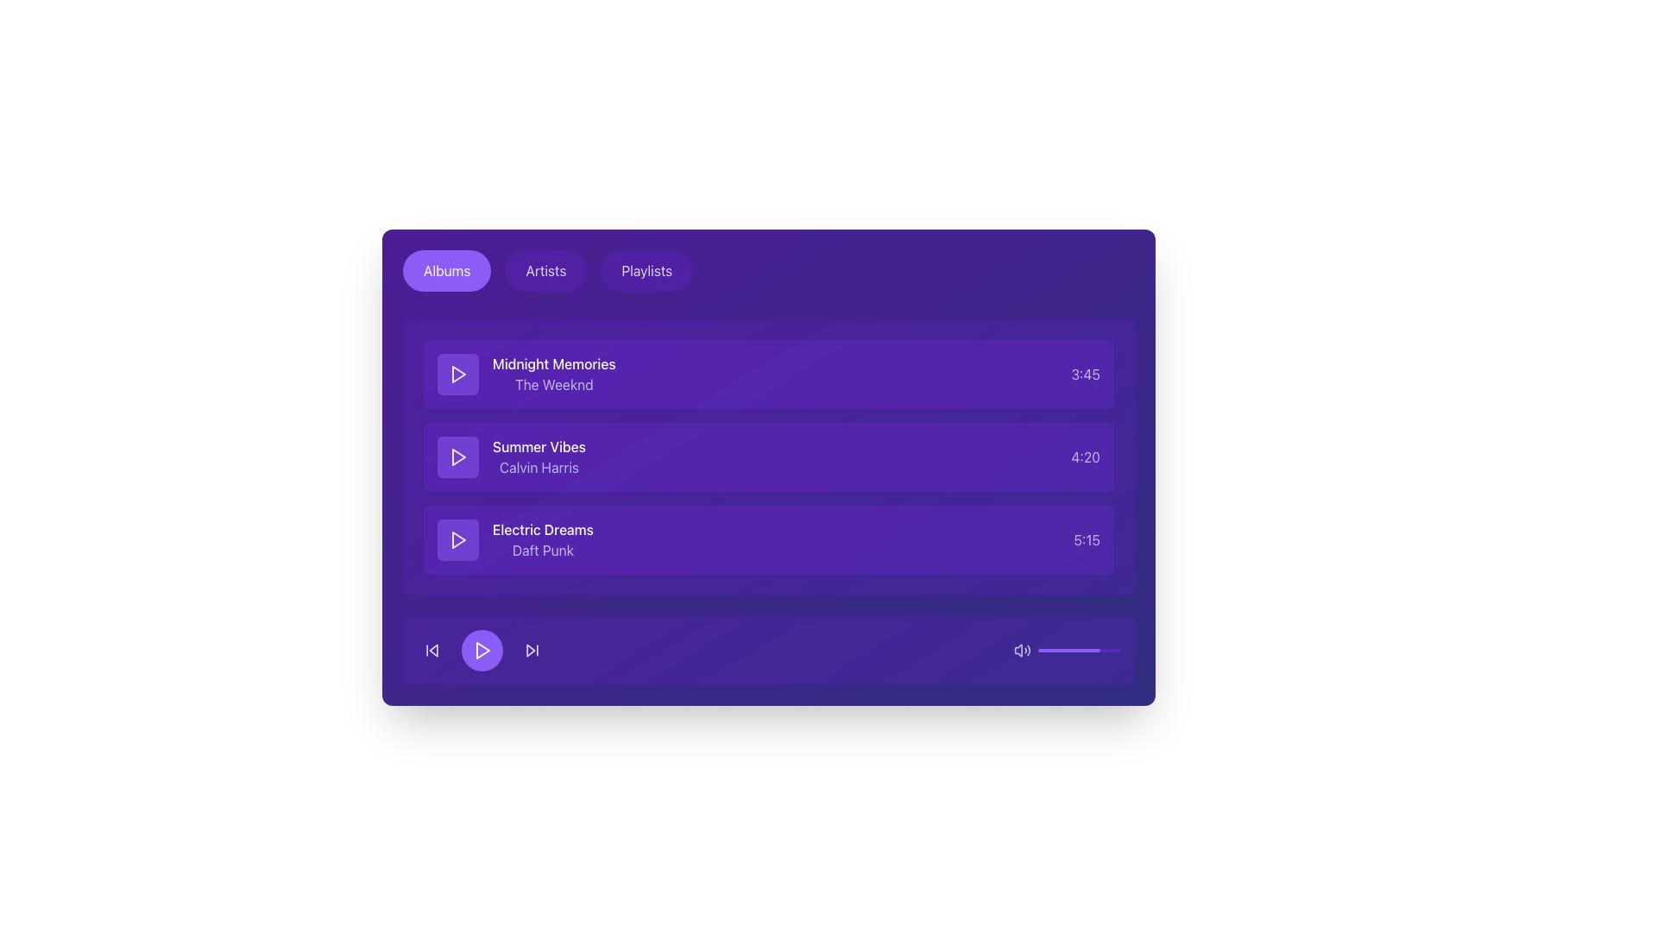 The image size is (1657, 932). I want to click on the time duration display showing '5:15' in violet text color, located on the far-right edge of the track listing card, so click(1086, 538).